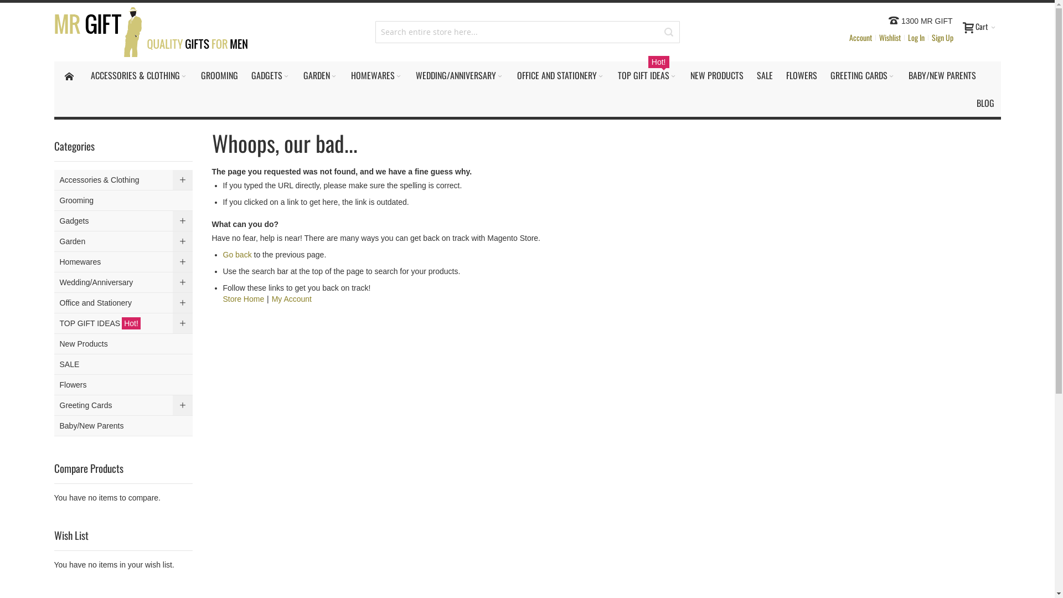 The width and height of the screenshot is (1063, 598). I want to click on 'My Account', so click(292, 299).